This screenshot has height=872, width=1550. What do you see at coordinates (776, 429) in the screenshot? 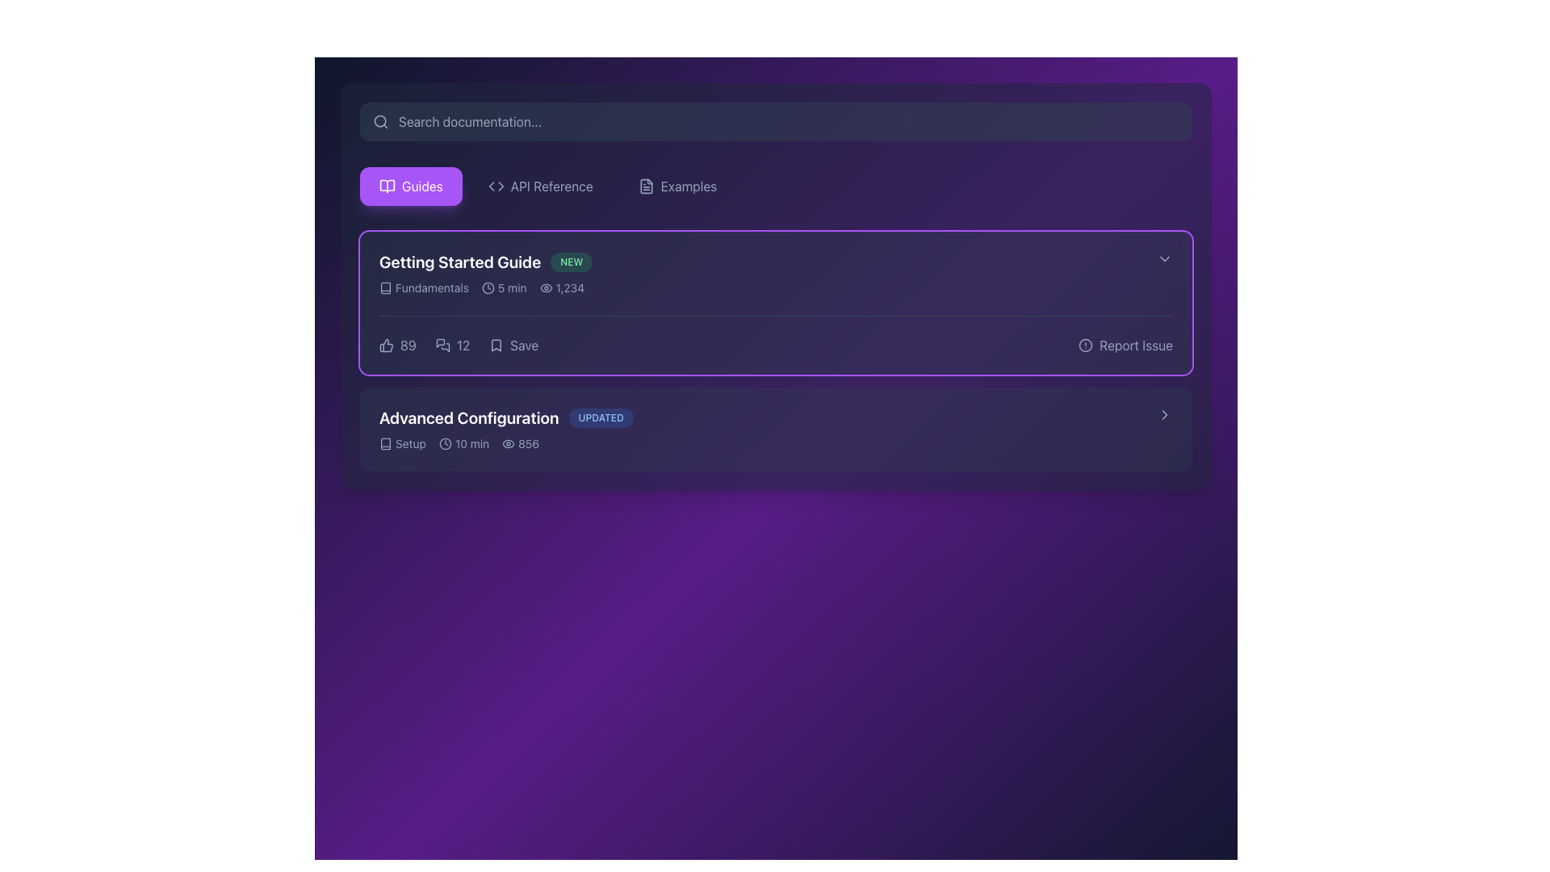
I see `the list item labeled 'Advanced Configuration UPDATED'` at bounding box center [776, 429].